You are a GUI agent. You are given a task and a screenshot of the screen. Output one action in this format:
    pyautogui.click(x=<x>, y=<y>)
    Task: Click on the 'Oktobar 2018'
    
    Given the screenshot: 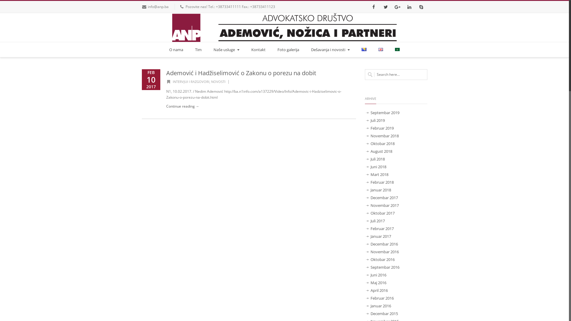 What is the action you would take?
    pyautogui.click(x=380, y=143)
    